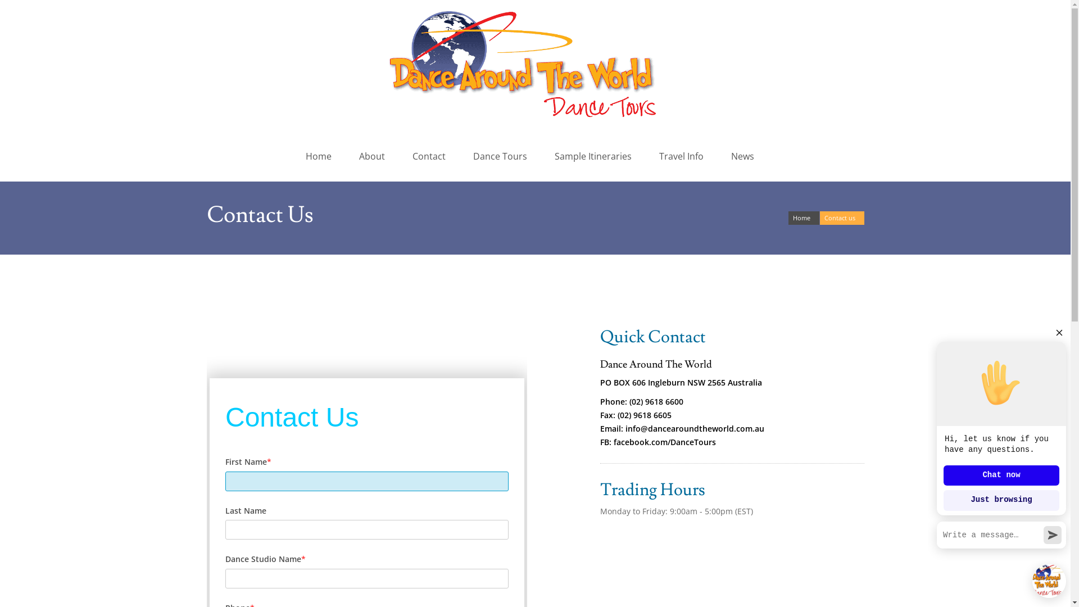  I want to click on 'Dance Tours', so click(501, 156).